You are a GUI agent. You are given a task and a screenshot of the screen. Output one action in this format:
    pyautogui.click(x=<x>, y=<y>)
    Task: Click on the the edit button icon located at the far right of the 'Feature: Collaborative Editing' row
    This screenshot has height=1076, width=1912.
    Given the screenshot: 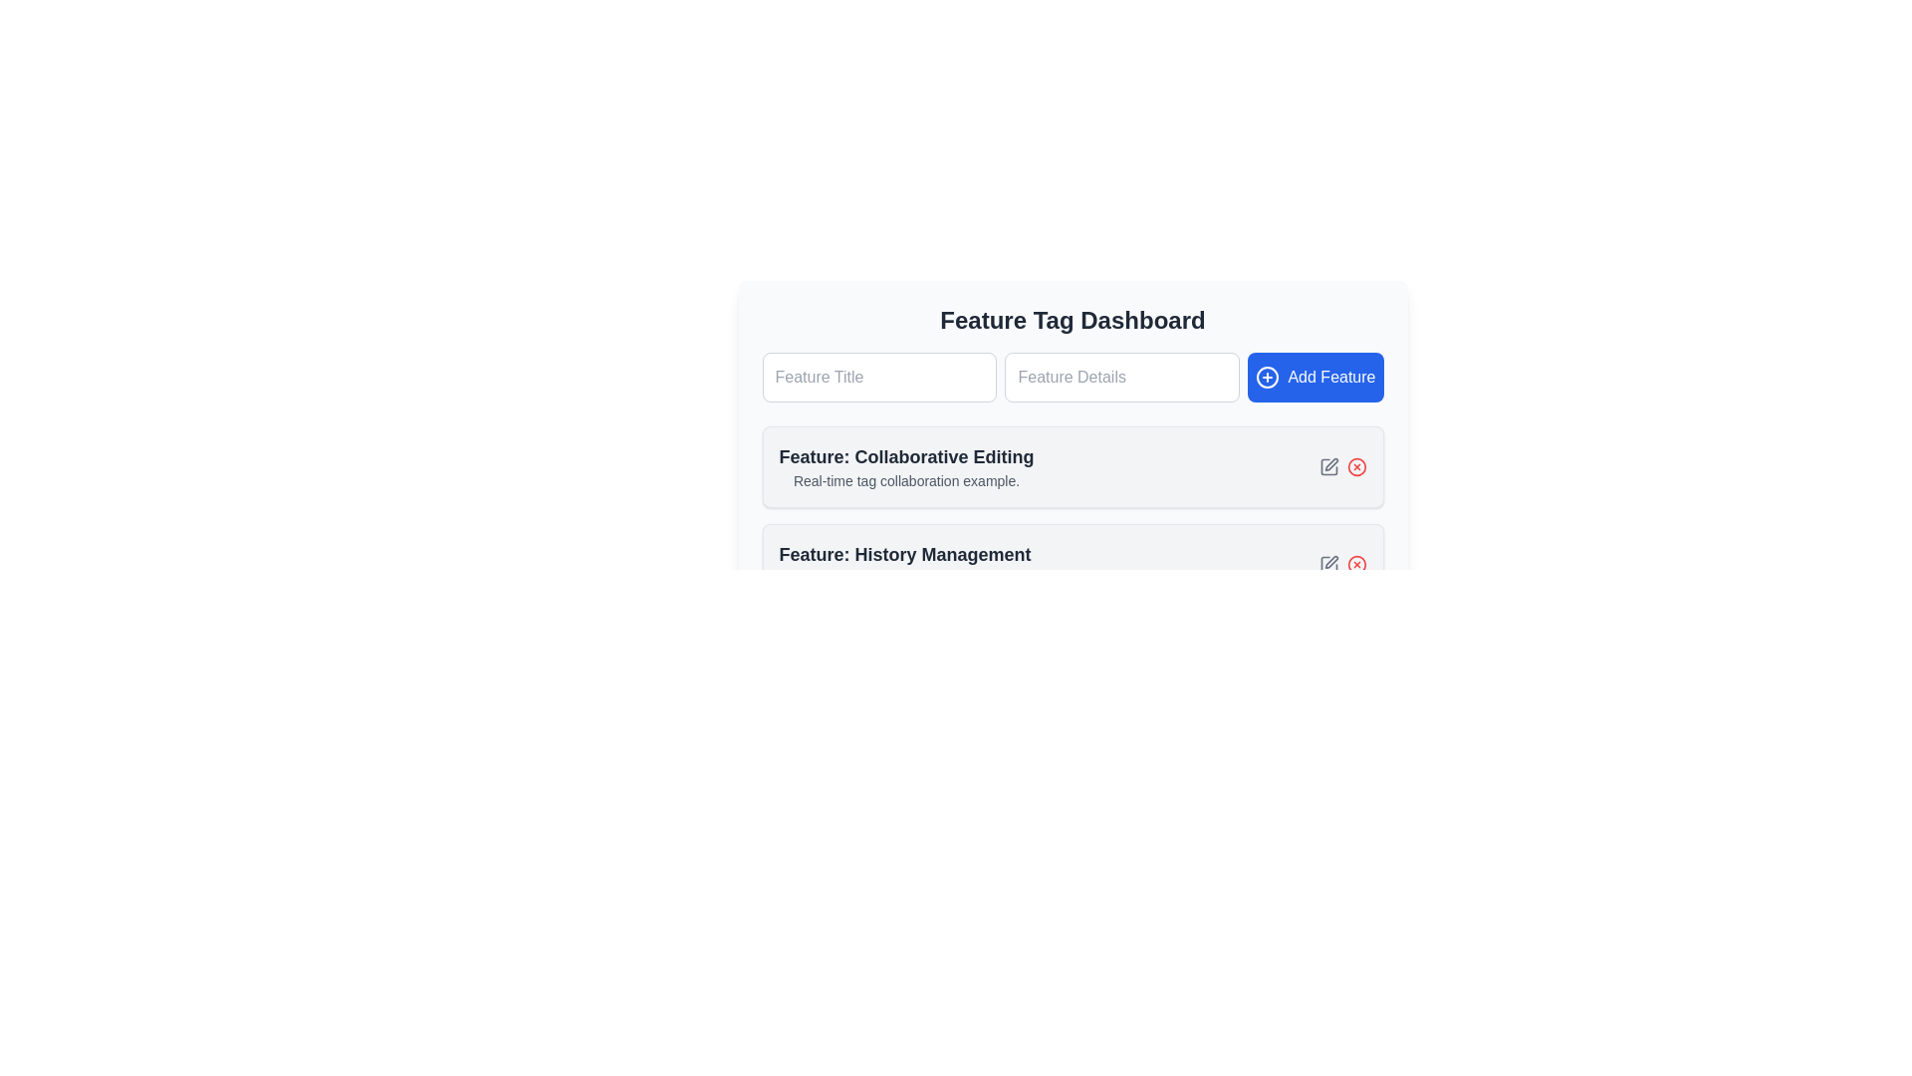 What is the action you would take?
    pyautogui.click(x=1329, y=464)
    